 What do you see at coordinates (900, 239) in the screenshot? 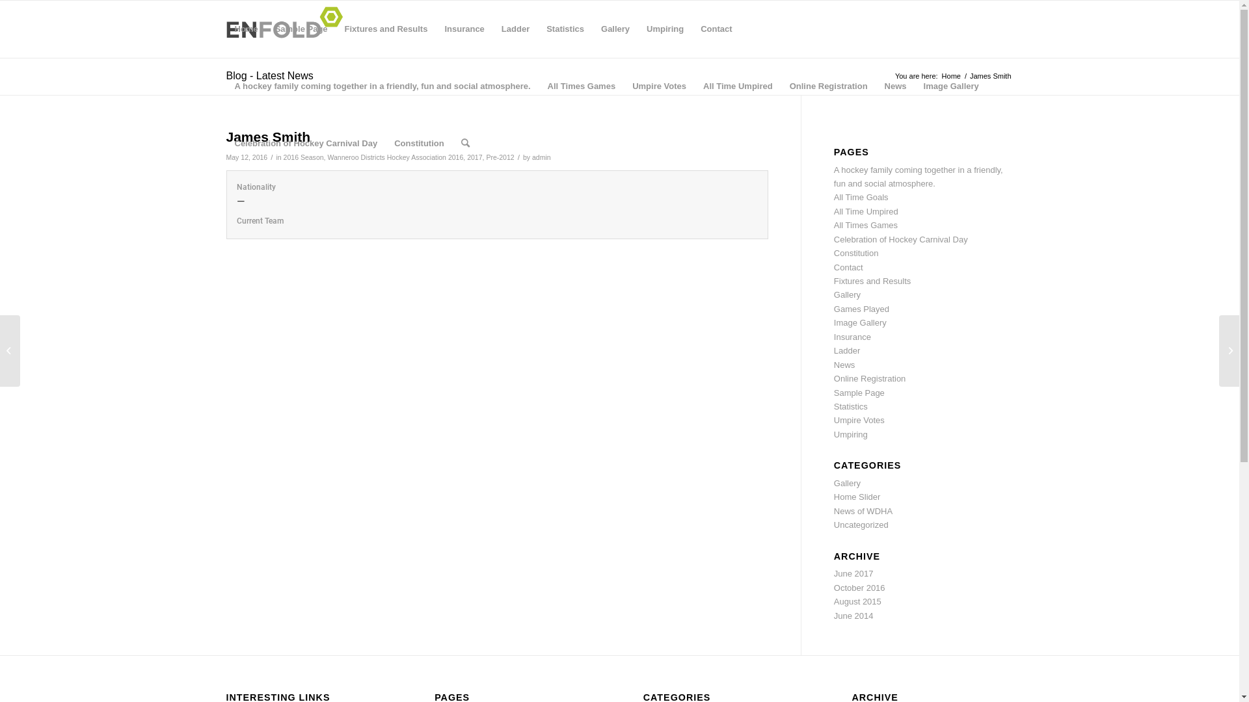
I see `'Celebration of Hockey Carnival Day'` at bounding box center [900, 239].